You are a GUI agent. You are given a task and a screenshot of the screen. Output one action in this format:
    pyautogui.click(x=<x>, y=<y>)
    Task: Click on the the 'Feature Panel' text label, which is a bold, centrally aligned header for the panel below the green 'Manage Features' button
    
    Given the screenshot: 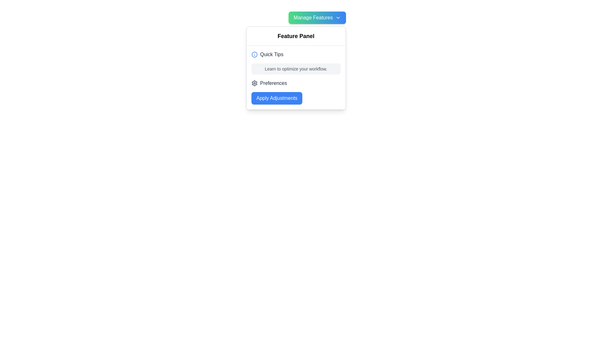 What is the action you would take?
    pyautogui.click(x=295, y=36)
    